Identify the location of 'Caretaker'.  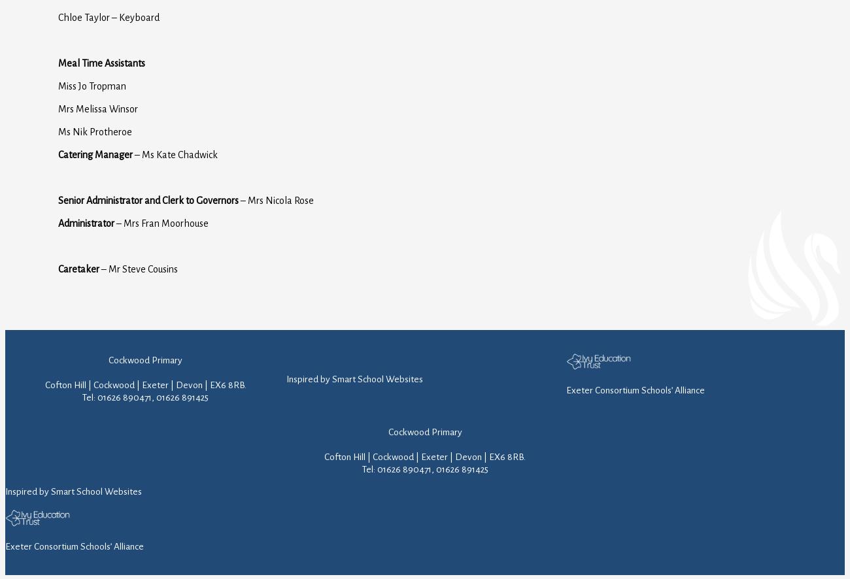
(78, 268).